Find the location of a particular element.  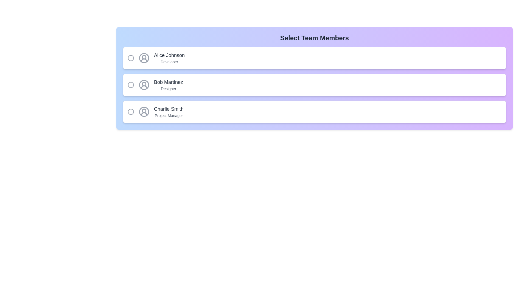

the circular user profile icon with a gray outline located to the left of the text 'Bob Martinez Designer' in the second card of the 'Select Team Members' section is located at coordinates (144, 85).